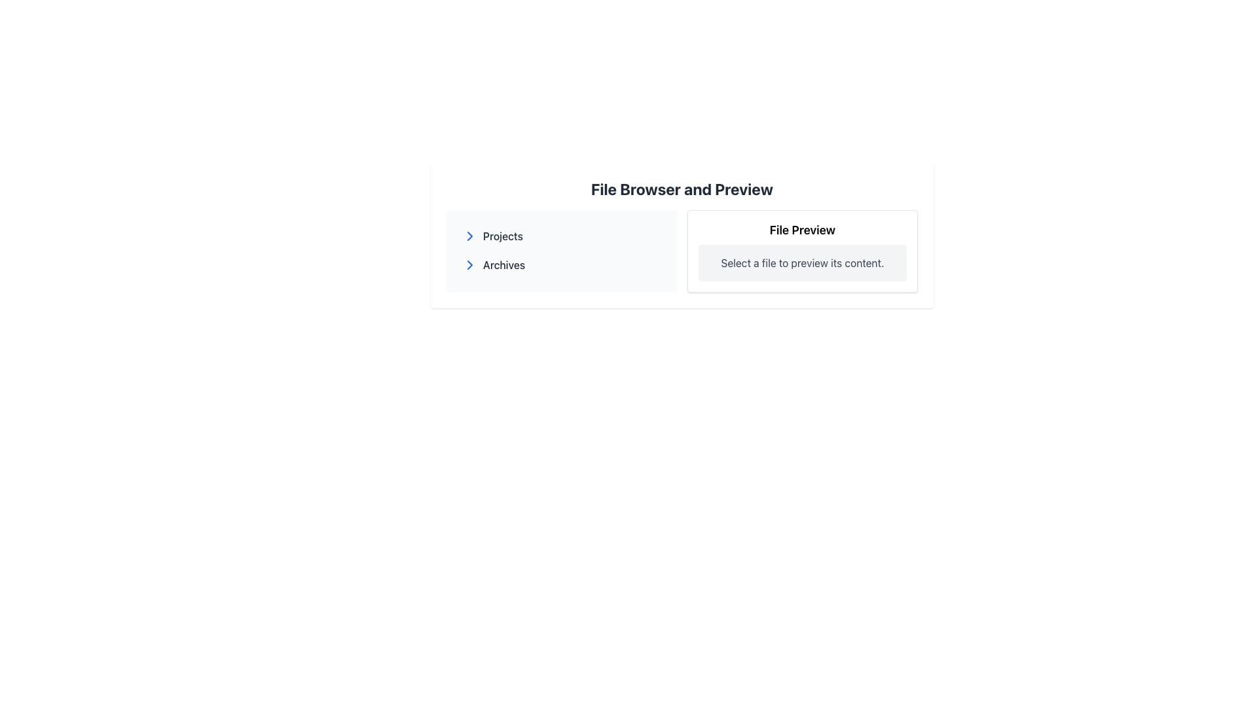  I want to click on the 'Projects' navigation item located in the left panel of the interface, so click(562, 236).